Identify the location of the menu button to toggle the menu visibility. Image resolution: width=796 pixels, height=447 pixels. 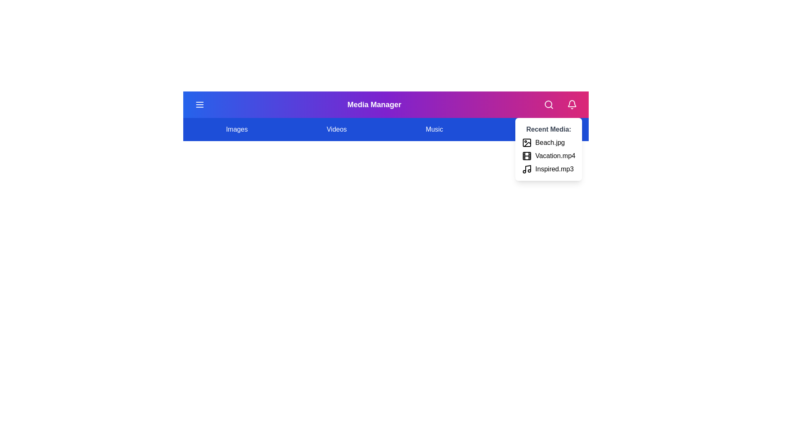
(199, 104).